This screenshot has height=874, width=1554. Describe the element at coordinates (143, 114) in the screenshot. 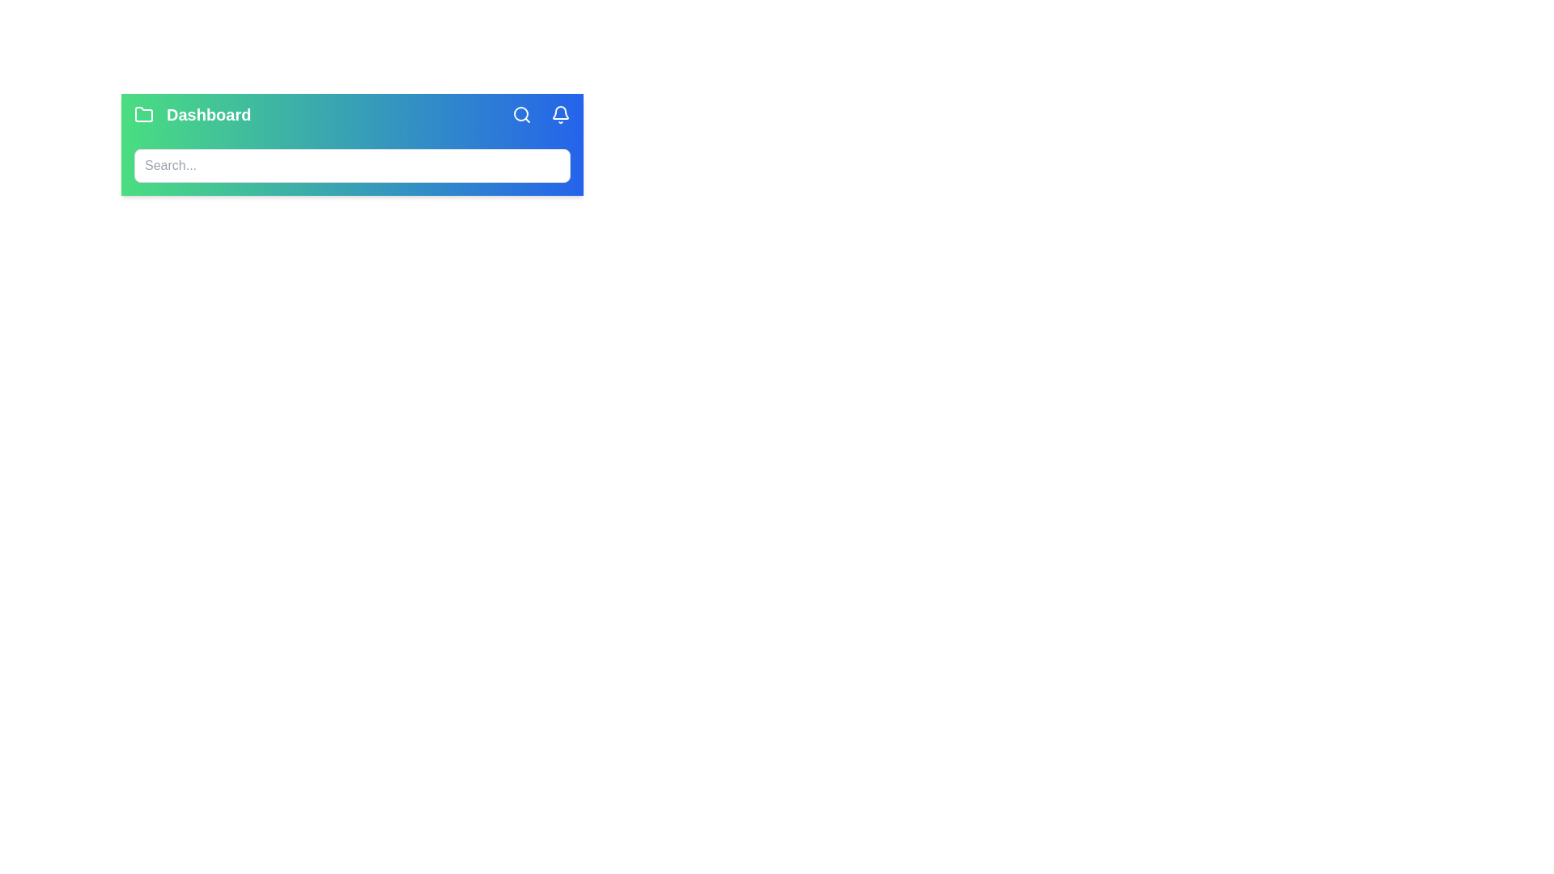

I see `the folder icon in the app bar` at that location.